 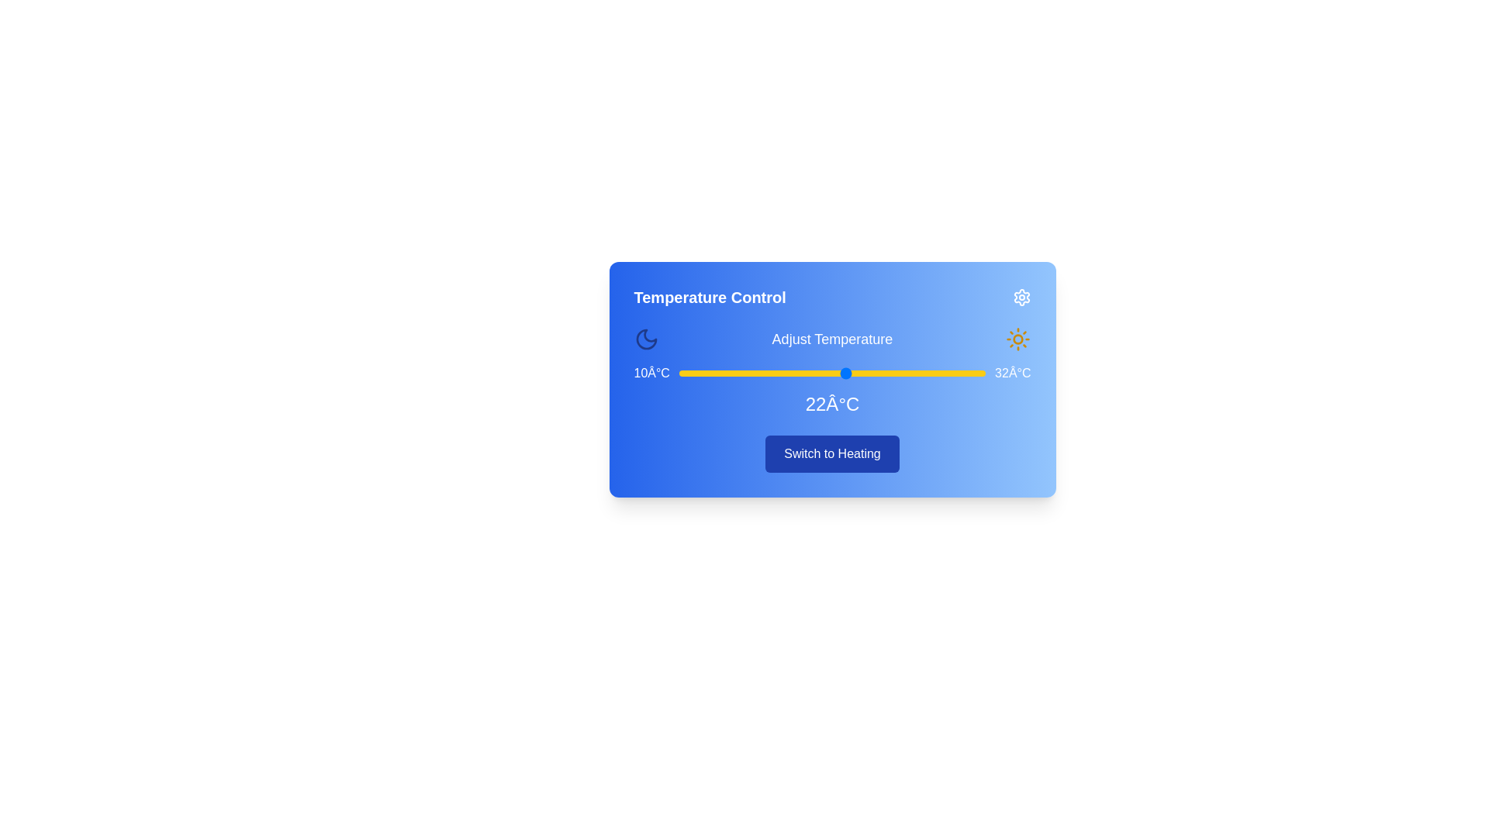 What do you see at coordinates (720, 374) in the screenshot?
I see `the temperature to 13°C using the slider` at bounding box center [720, 374].